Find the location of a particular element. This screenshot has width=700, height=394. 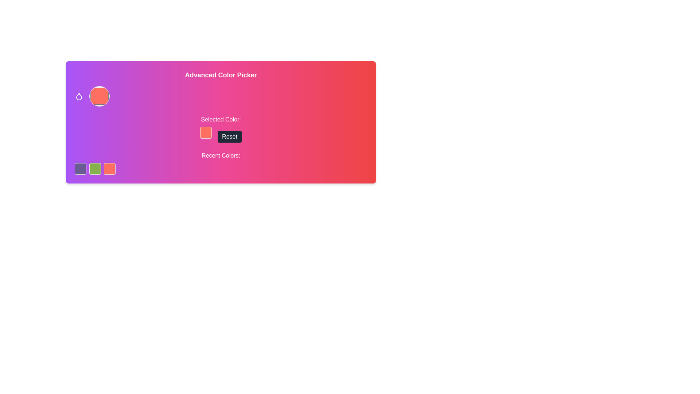

the color selection box, which is the first of three horizontally arranged elements in the bottom-left section of the colorful interface panel is located at coordinates (80, 169).